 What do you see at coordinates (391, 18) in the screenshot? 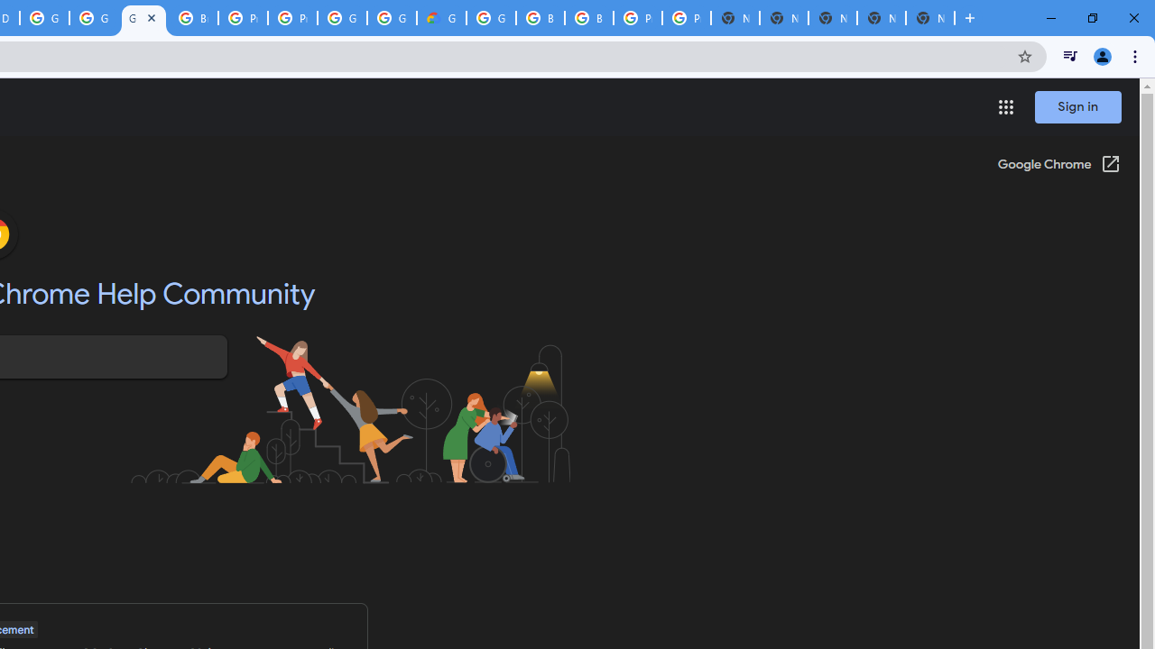
I see `'Google Cloud Platform'` at bounding box center [391, 18].